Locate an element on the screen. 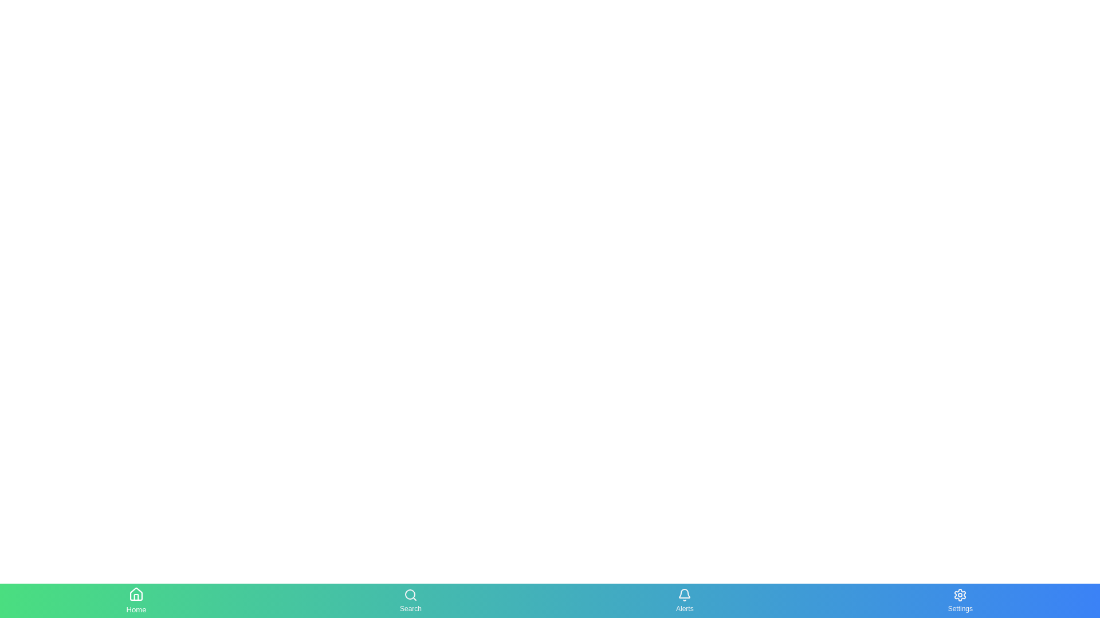 The height and width of the screenshot is (618, 1100). the navigation item labeled 'Home' is located at coordinates (136, 600).